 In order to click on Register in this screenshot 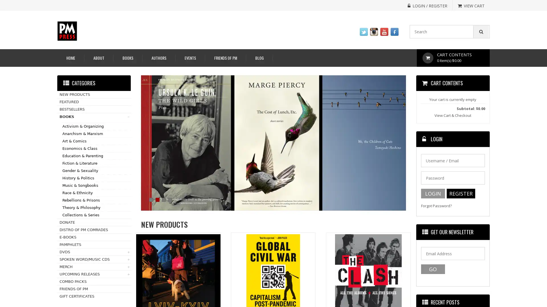, I will do `click(461, 193)`.